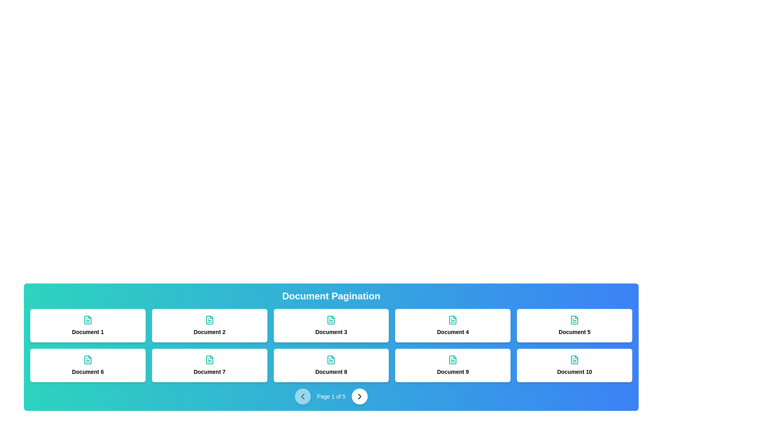  What do you see at coordinates (331, 365) in the screenshot?
I see `the selectable card located in the third column of the second row of a grid layout, which represents a specific document or item` at bounding box center [331, 365].